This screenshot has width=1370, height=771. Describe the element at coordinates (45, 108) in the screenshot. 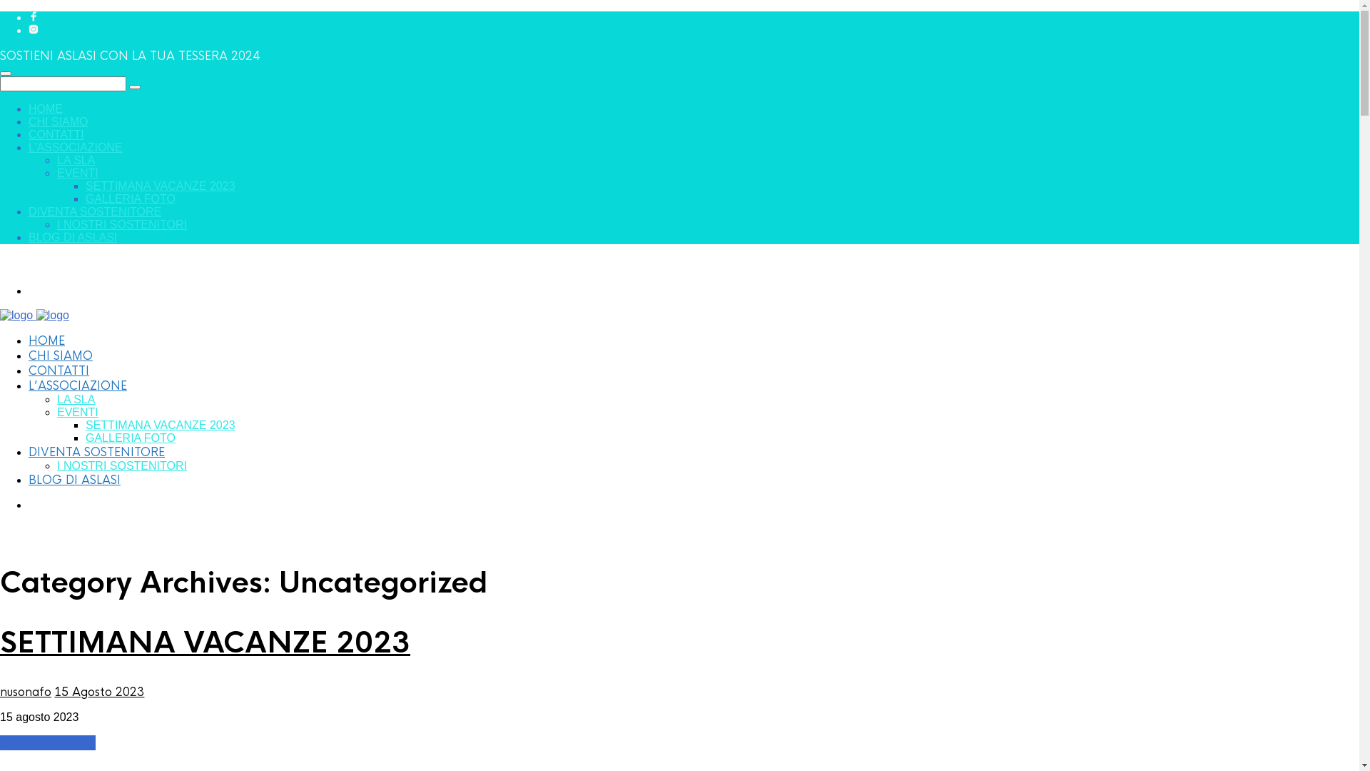

I see `'HOME'` at that location.